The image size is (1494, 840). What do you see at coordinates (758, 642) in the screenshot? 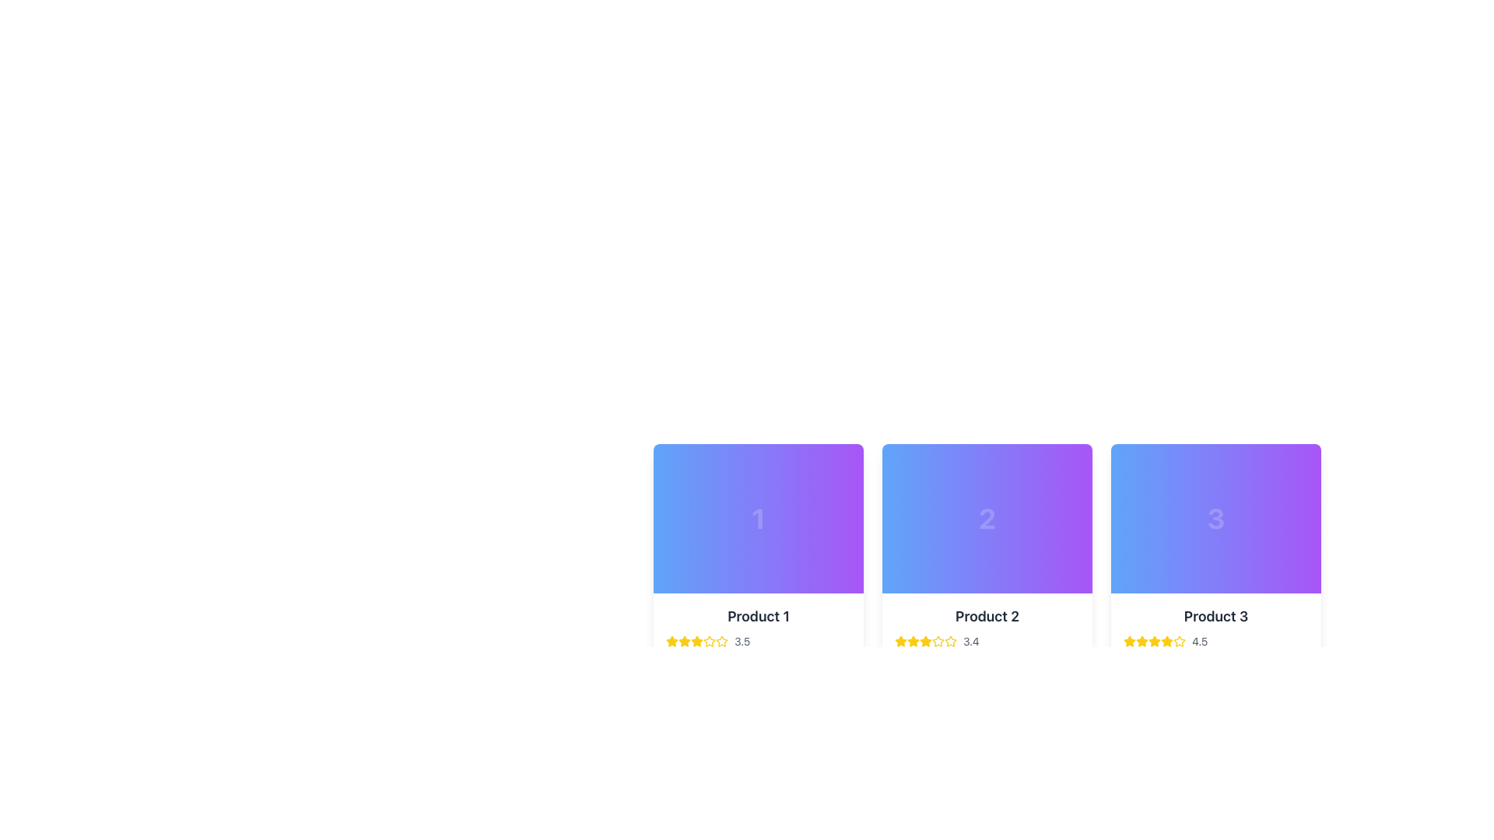
I see `numerical rating value displayed in the Rating Display Component located beneath the title 'Product 1' and above the price '$820'` at bounding box center [758, 642].